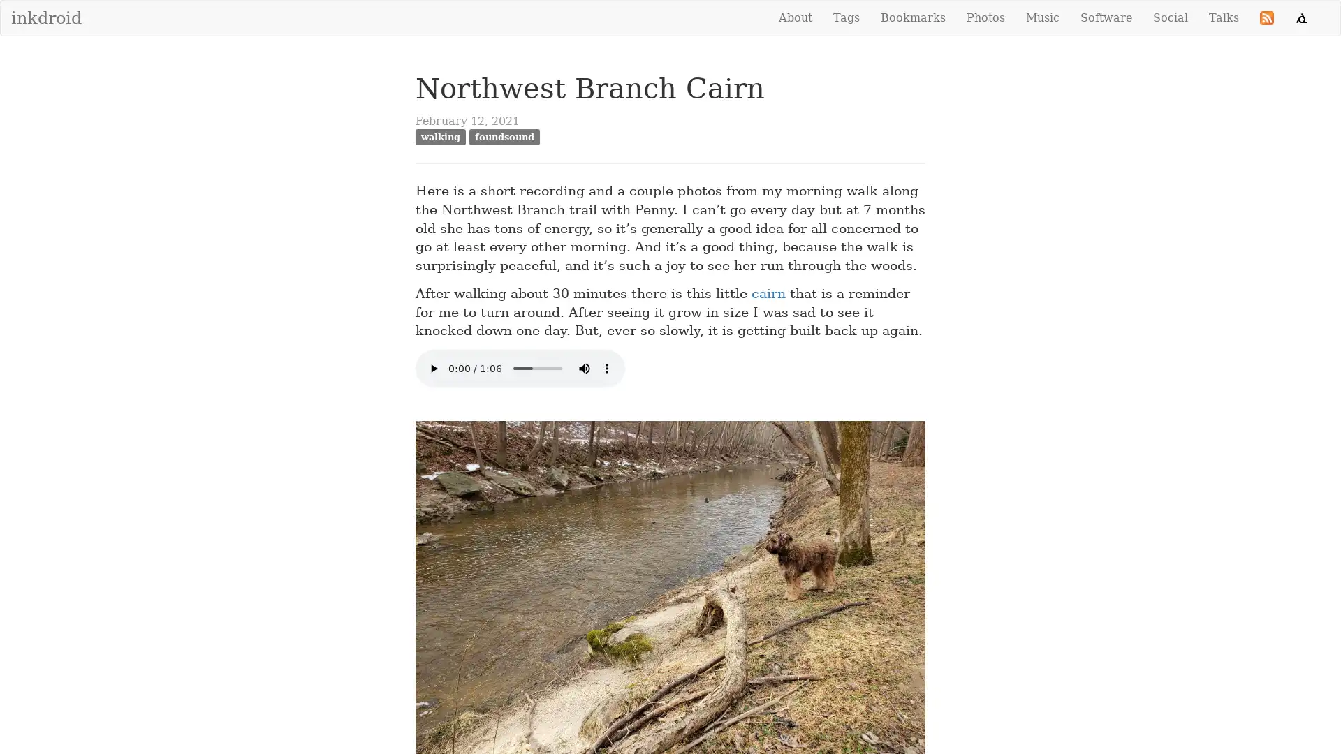 Image resolution: width=1341 pixels, height=754 pixels. I want to click on show more media controls, so click(606, 368).